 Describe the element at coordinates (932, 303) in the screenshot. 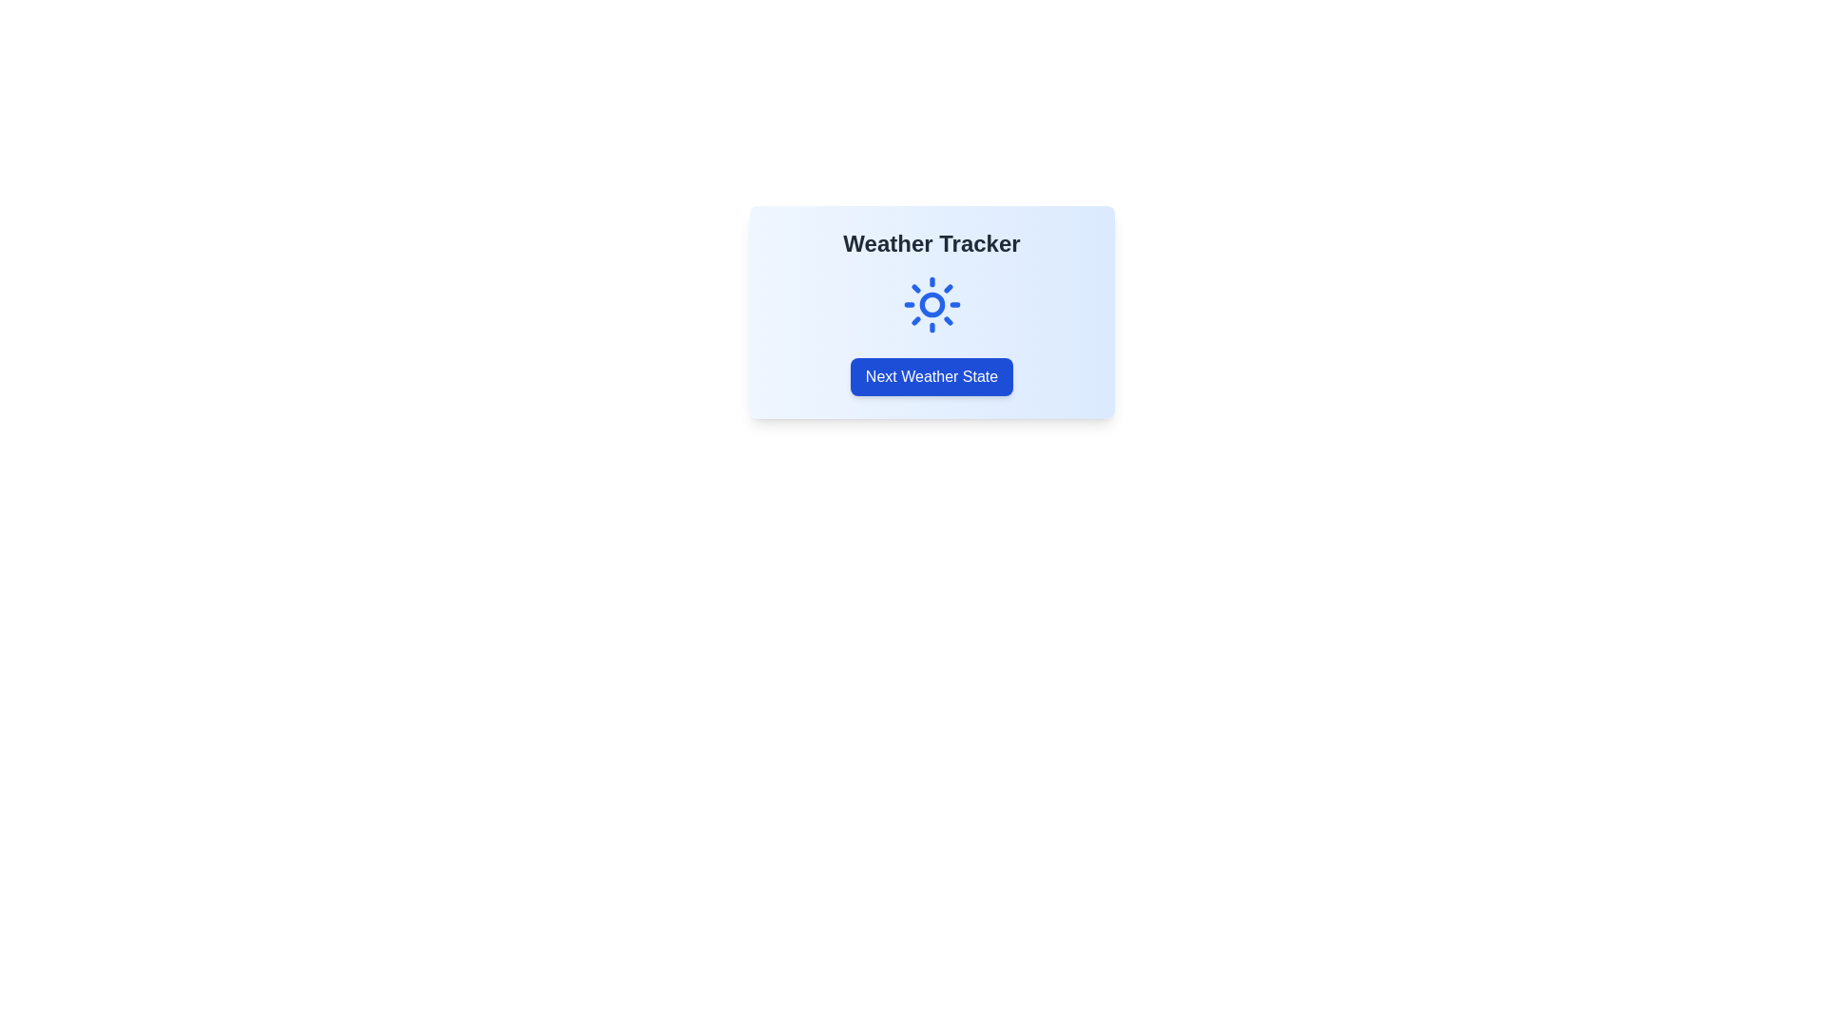

I see `the central circular shape within the sun icon, located under the 'Weather Tracker' header and above the 'Next Weather State' button` at that location.